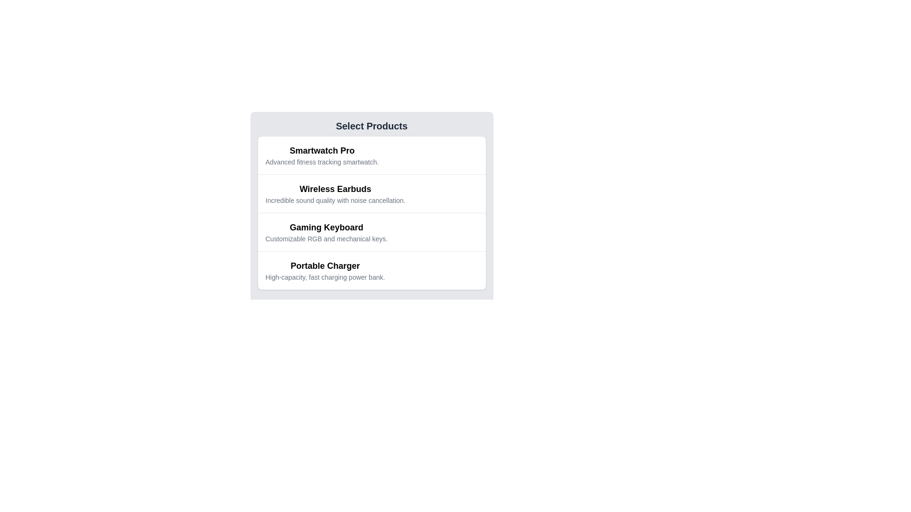  I want to click on the 'Gaming Keyboard' card, so click(371, 232).